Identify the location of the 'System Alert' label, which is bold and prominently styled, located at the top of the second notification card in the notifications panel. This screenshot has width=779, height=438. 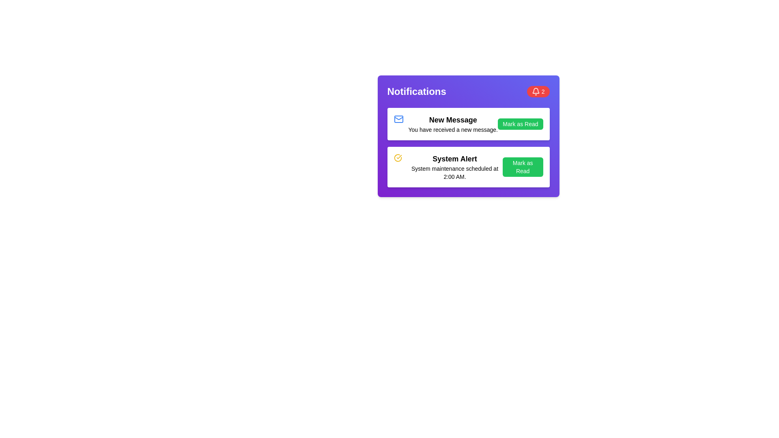
(455, 159).